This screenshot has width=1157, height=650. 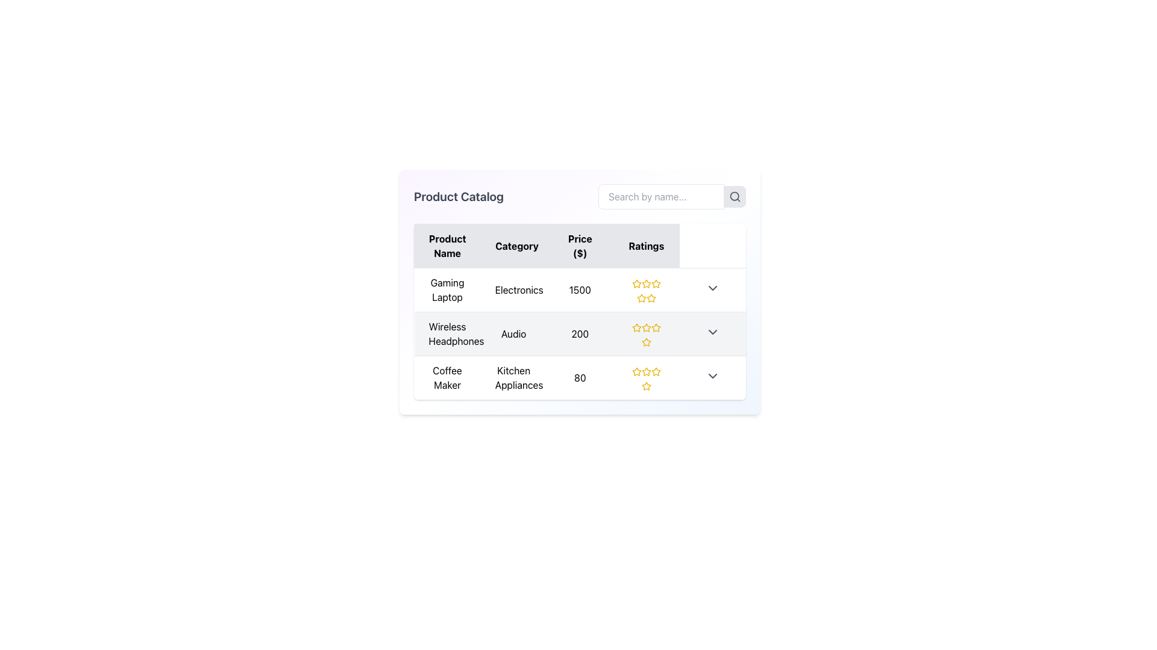 I want to click on the second star in the rating system for the 'Coffee Maker' product to potentially alter the rating, so click(x=655, y=371).